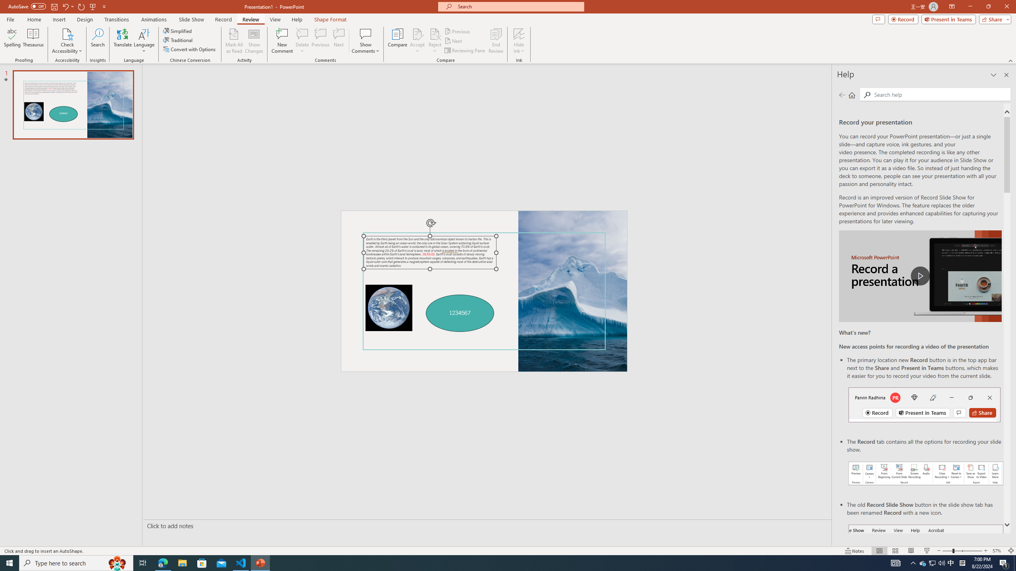 The image size is (1016, 571). What do you see at coordinates (998, 551) in the screenshot?
I see `'Zoom 57%'` at bounding box center [998, 551].